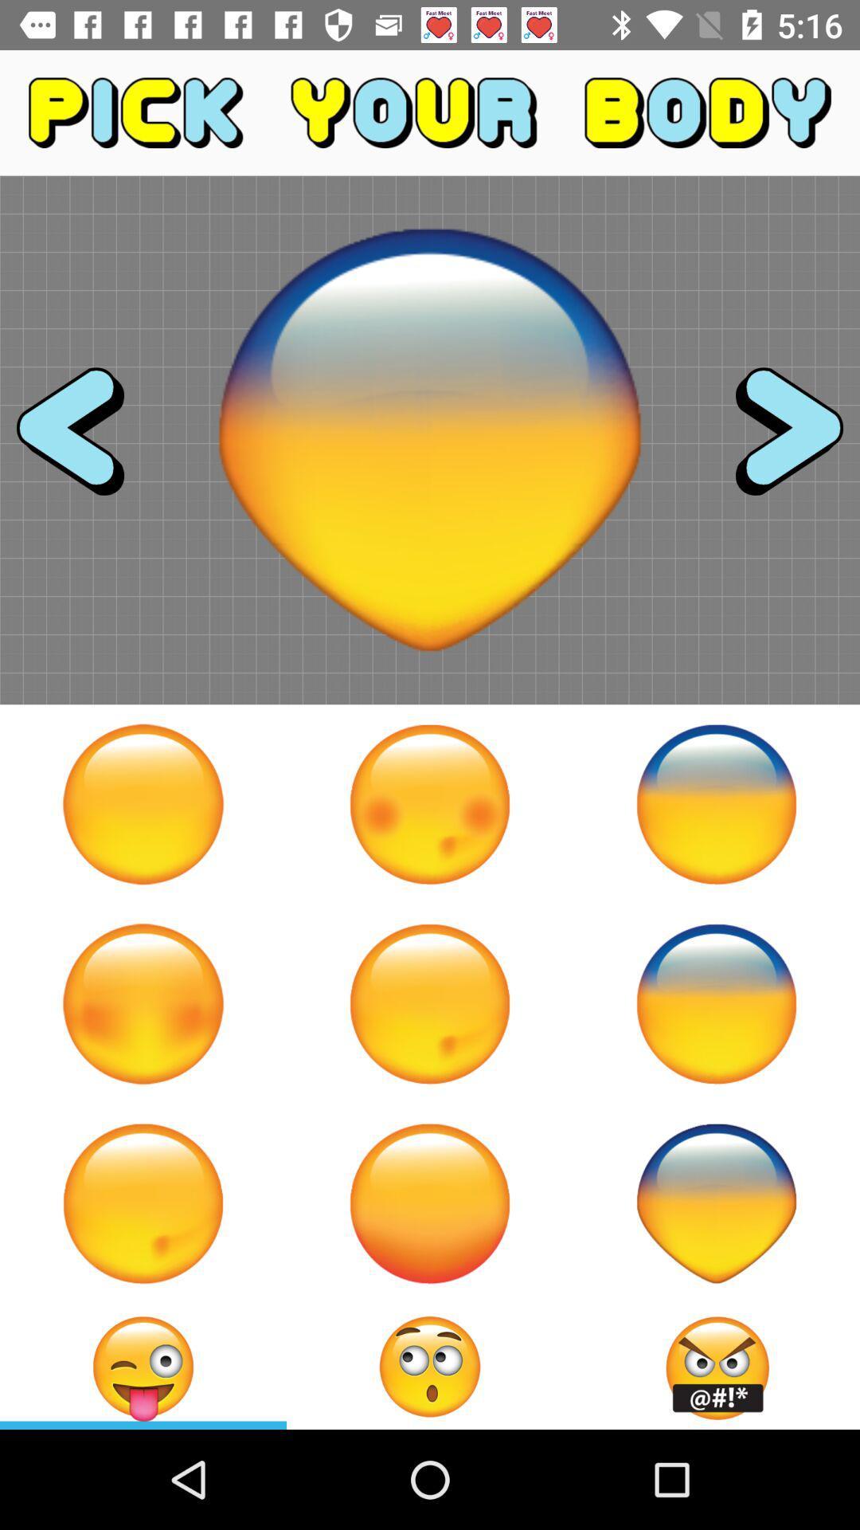 This screenshot has width=860, height=1530. Describe the element at coordinates (430, 1203) in the screenshot. I see `face` at that location.